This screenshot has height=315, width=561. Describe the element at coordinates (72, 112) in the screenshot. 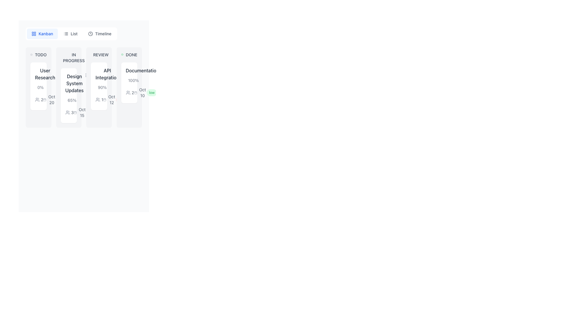

I see `the displayed information on the gray number '3' text label located at the bottom-left area of the 'Design System Updates' card under the 'IN PROGRESS' column` at that location.